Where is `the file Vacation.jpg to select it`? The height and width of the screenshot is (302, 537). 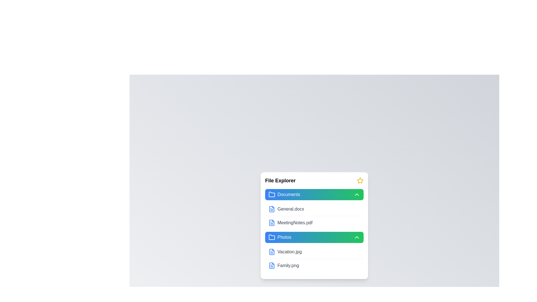 the file Vacation.jpg to select it is located at coordinates (272, 252).